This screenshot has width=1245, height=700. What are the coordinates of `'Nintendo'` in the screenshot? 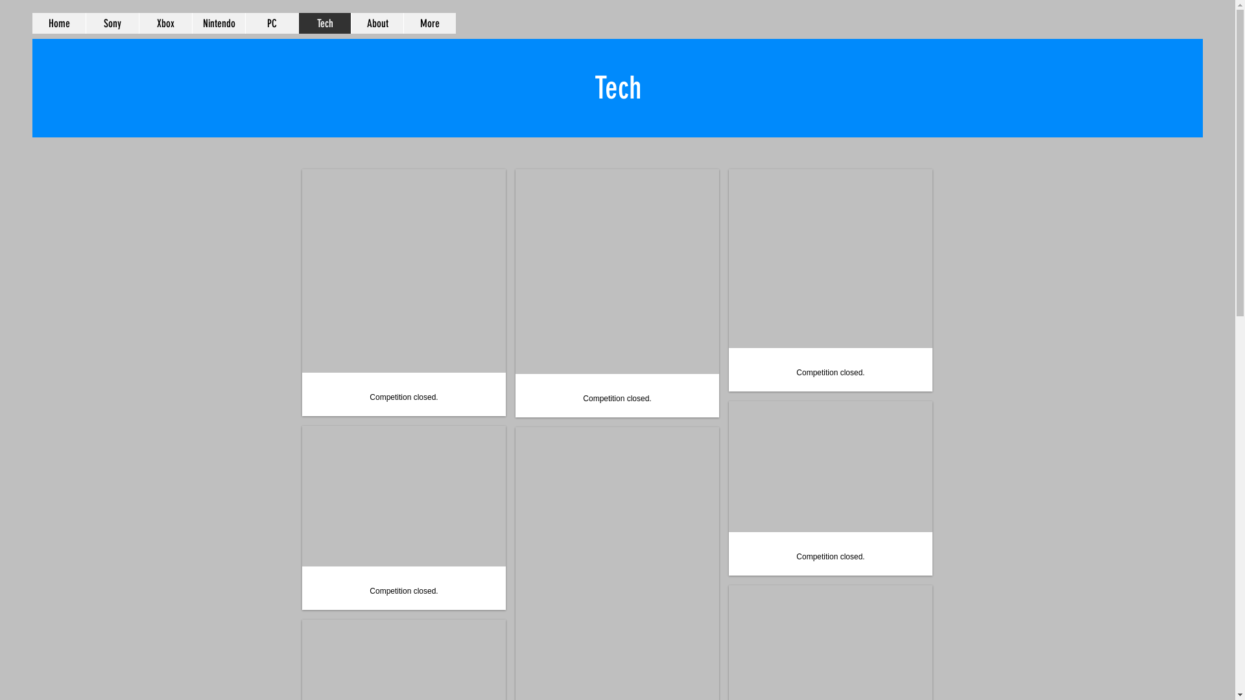 It's located at (218, 23).